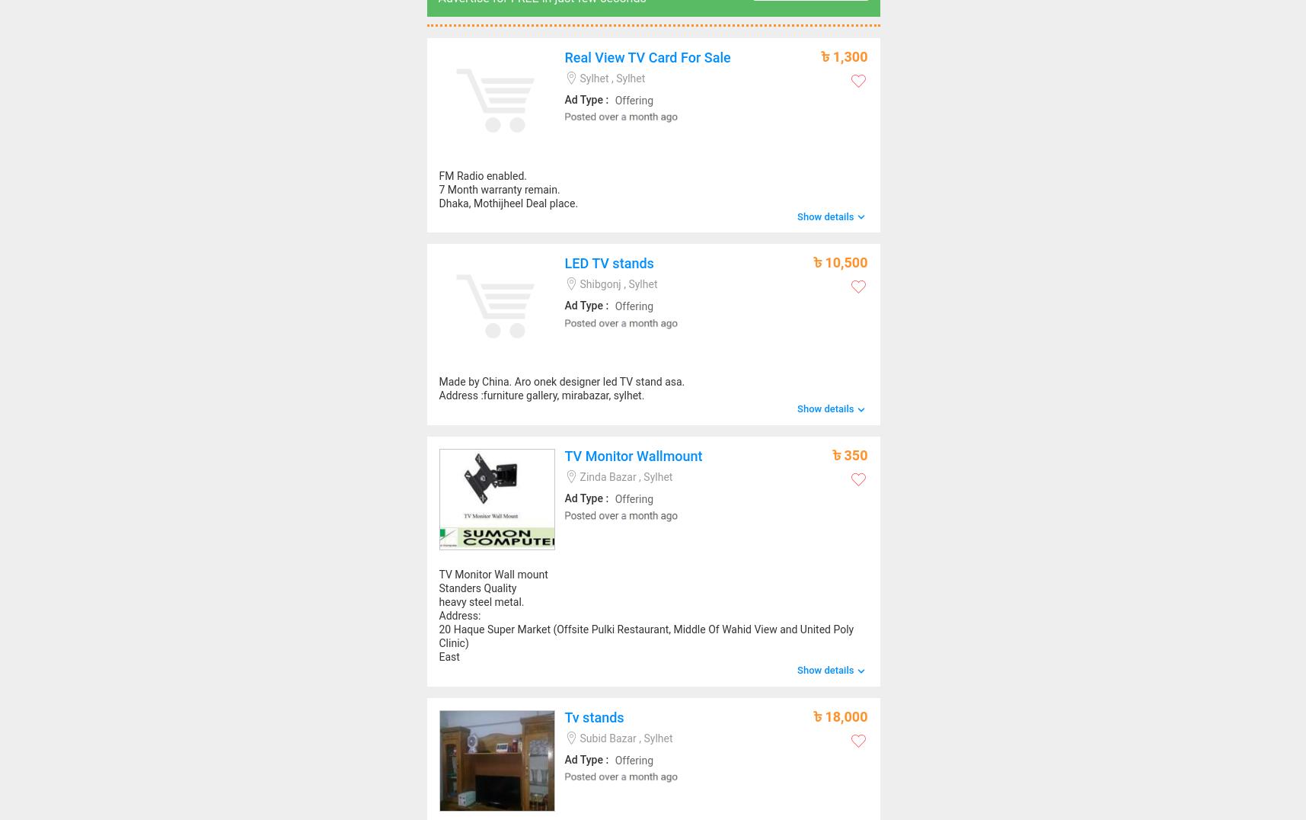 The height and width of the screenshot is (820, 1306). Describe the element at coordinates (608, 263) in the screenshot. I see `'LED TV stands'` at that location.